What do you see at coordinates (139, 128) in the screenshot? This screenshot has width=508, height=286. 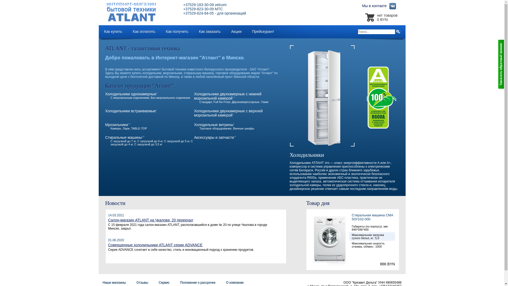 I see `'TABLE-TOP'` at bounding box center [139, 128].